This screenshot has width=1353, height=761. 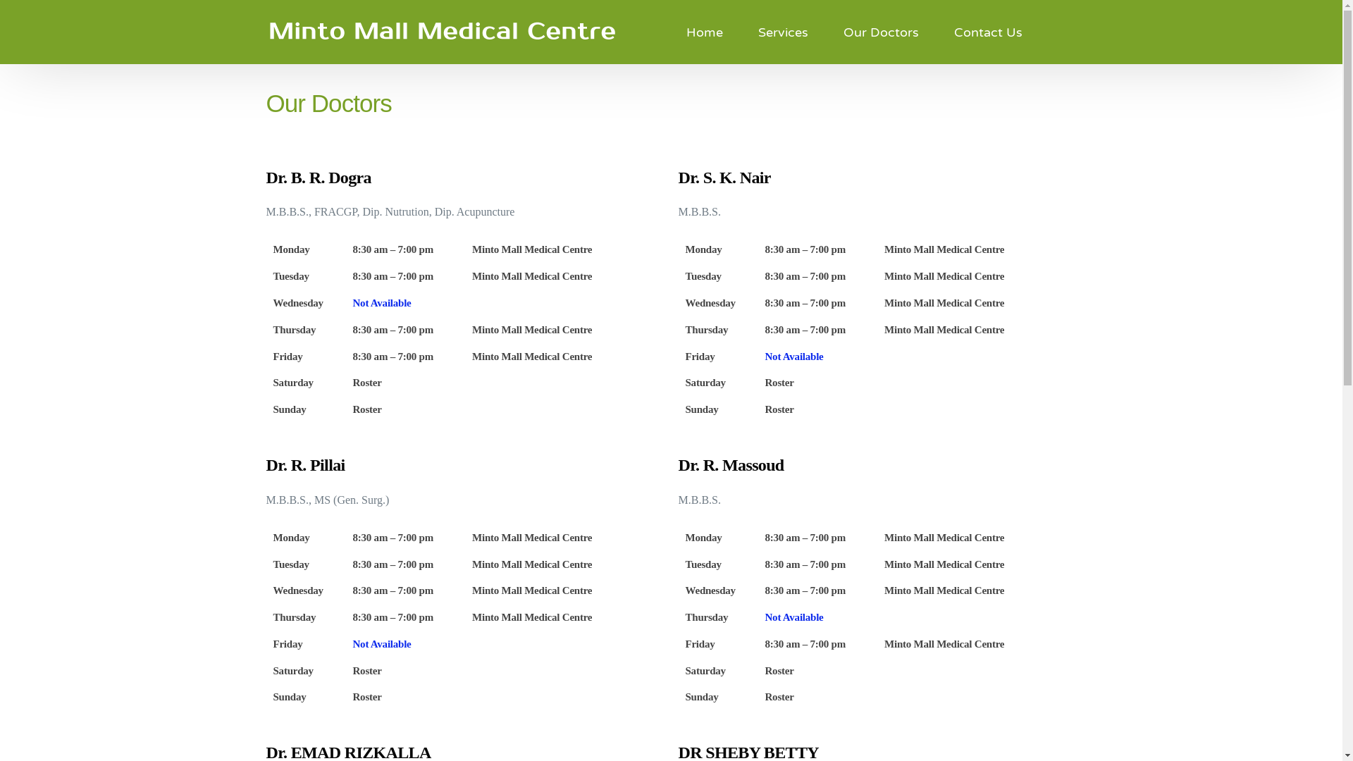 What do you see at coordinates (825, 32) in the screenshot?
I see `'Our Doctors'` at bounding box center [825, 32].